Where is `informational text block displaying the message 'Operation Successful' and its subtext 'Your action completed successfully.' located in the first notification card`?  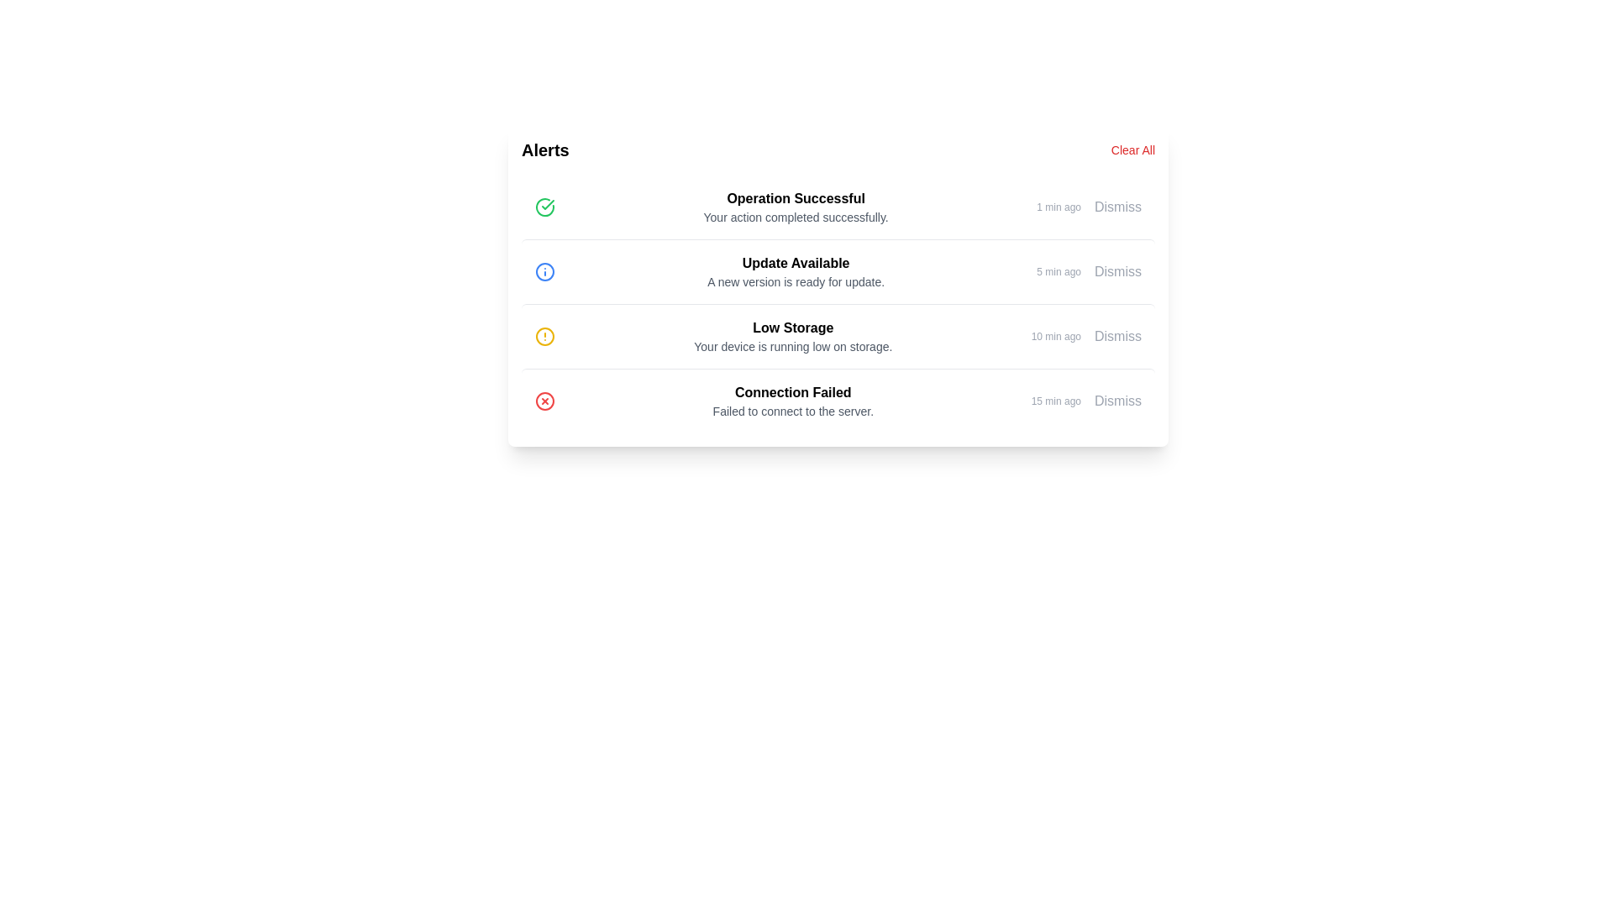
informational text block displaying the message 'Operation Successful' and its subtext 'Your action completed successfully.' located in the first notification card is located at coordinates (795, 206).